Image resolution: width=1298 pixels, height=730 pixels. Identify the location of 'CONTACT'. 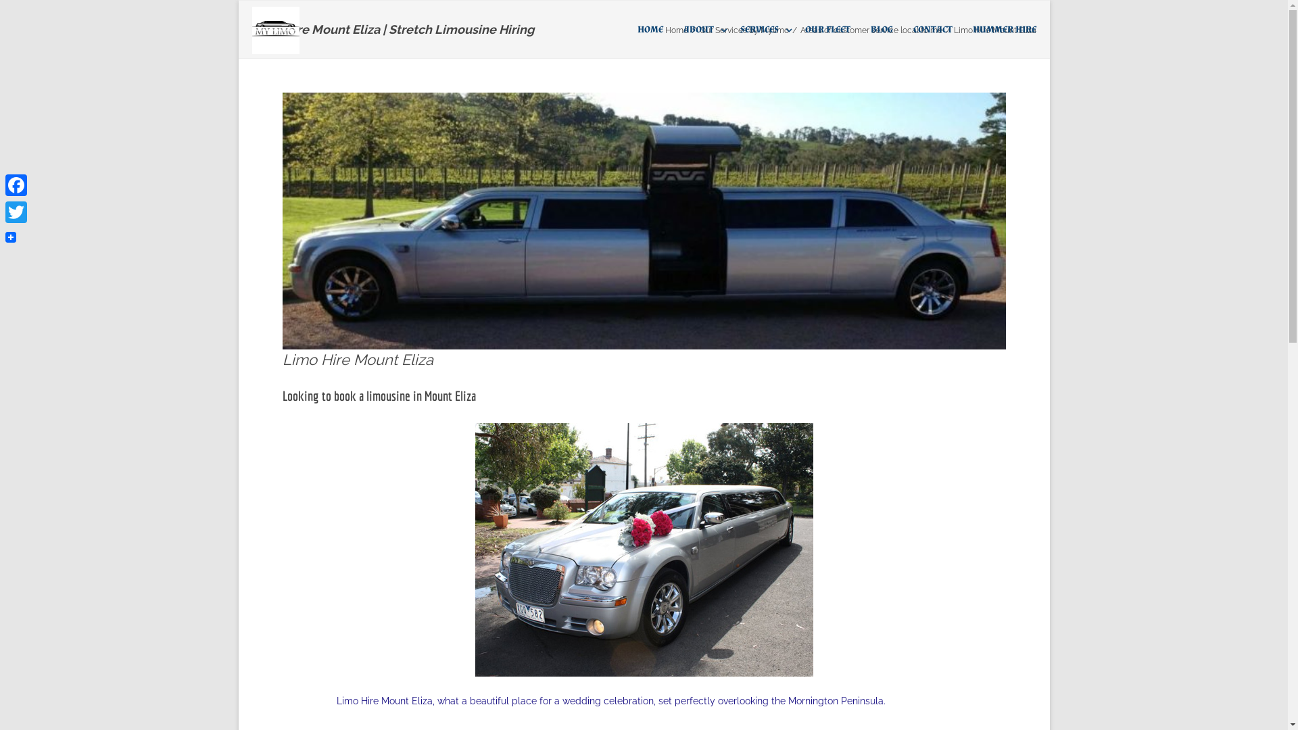
(912, 29).